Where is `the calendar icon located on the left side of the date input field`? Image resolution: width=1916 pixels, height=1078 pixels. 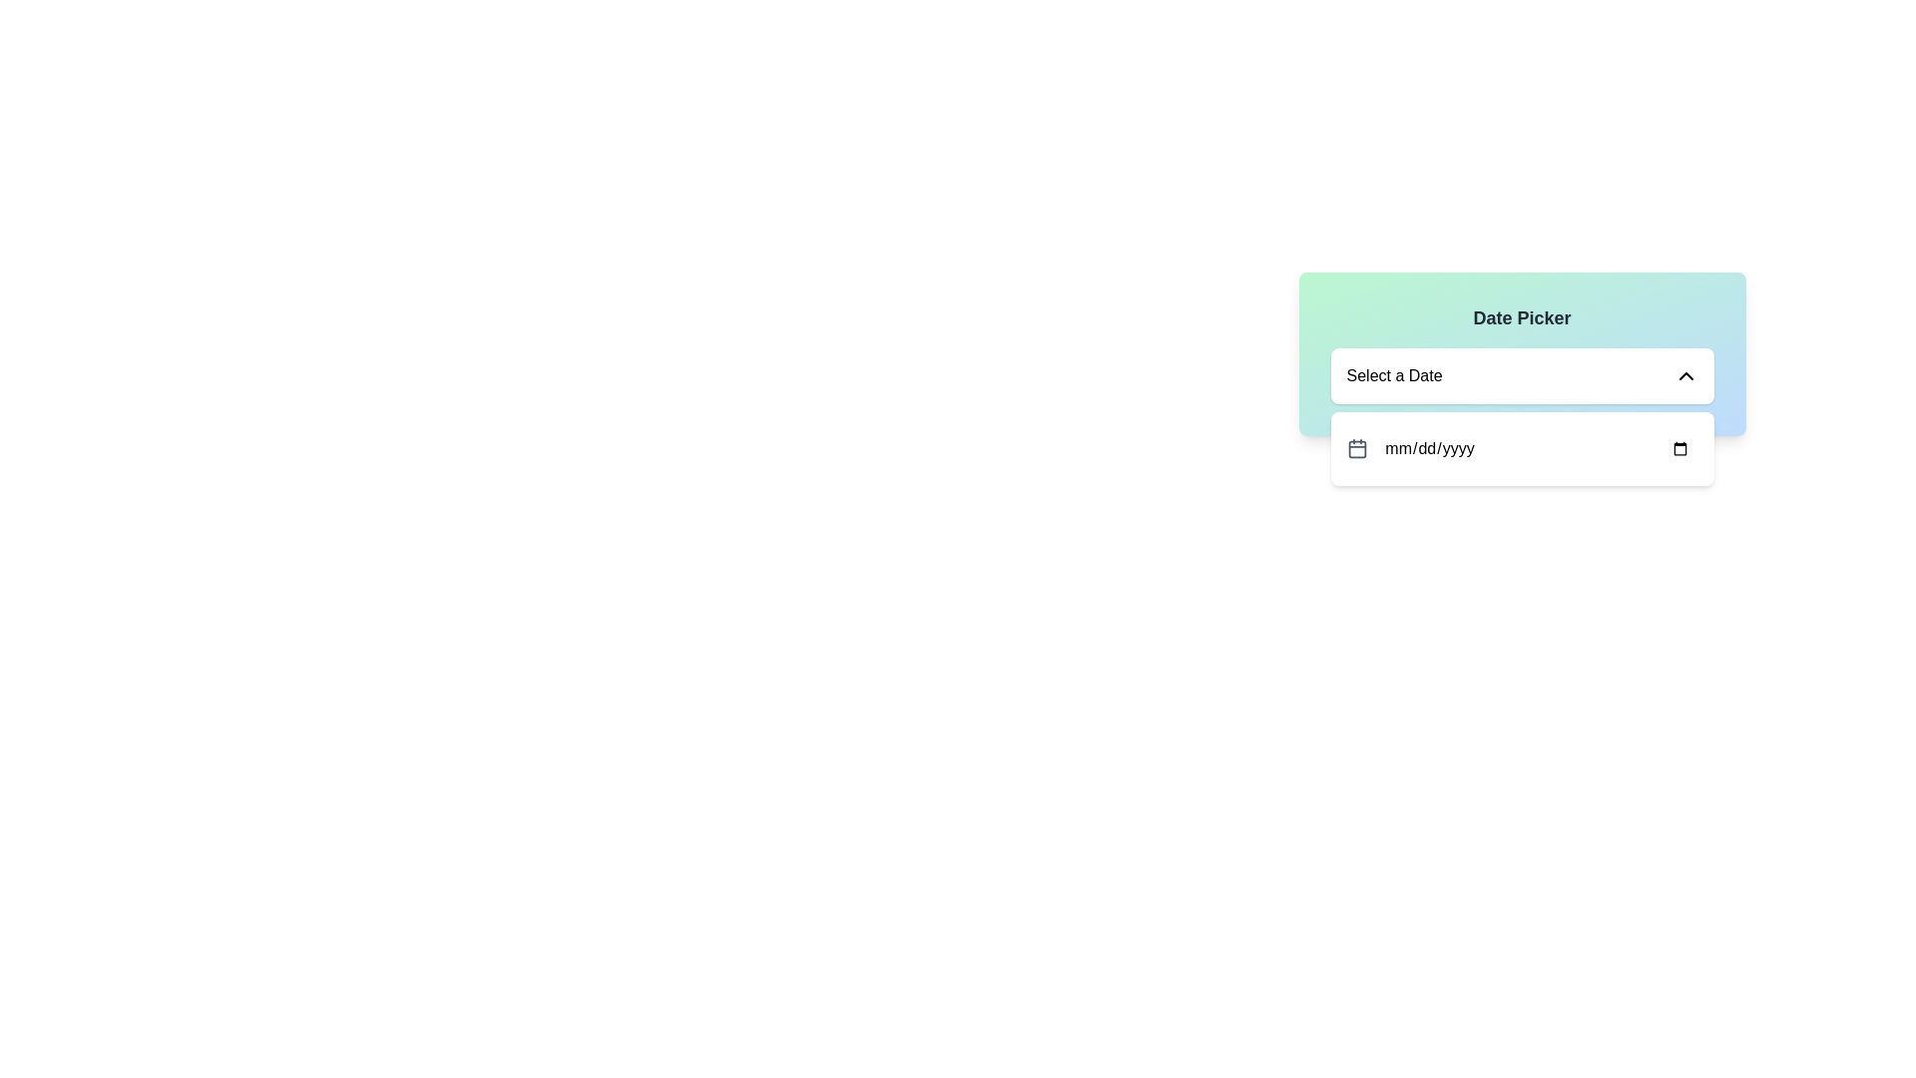 the calendar icon located on the left side of the date input field is located at coordinates (1356, 449).